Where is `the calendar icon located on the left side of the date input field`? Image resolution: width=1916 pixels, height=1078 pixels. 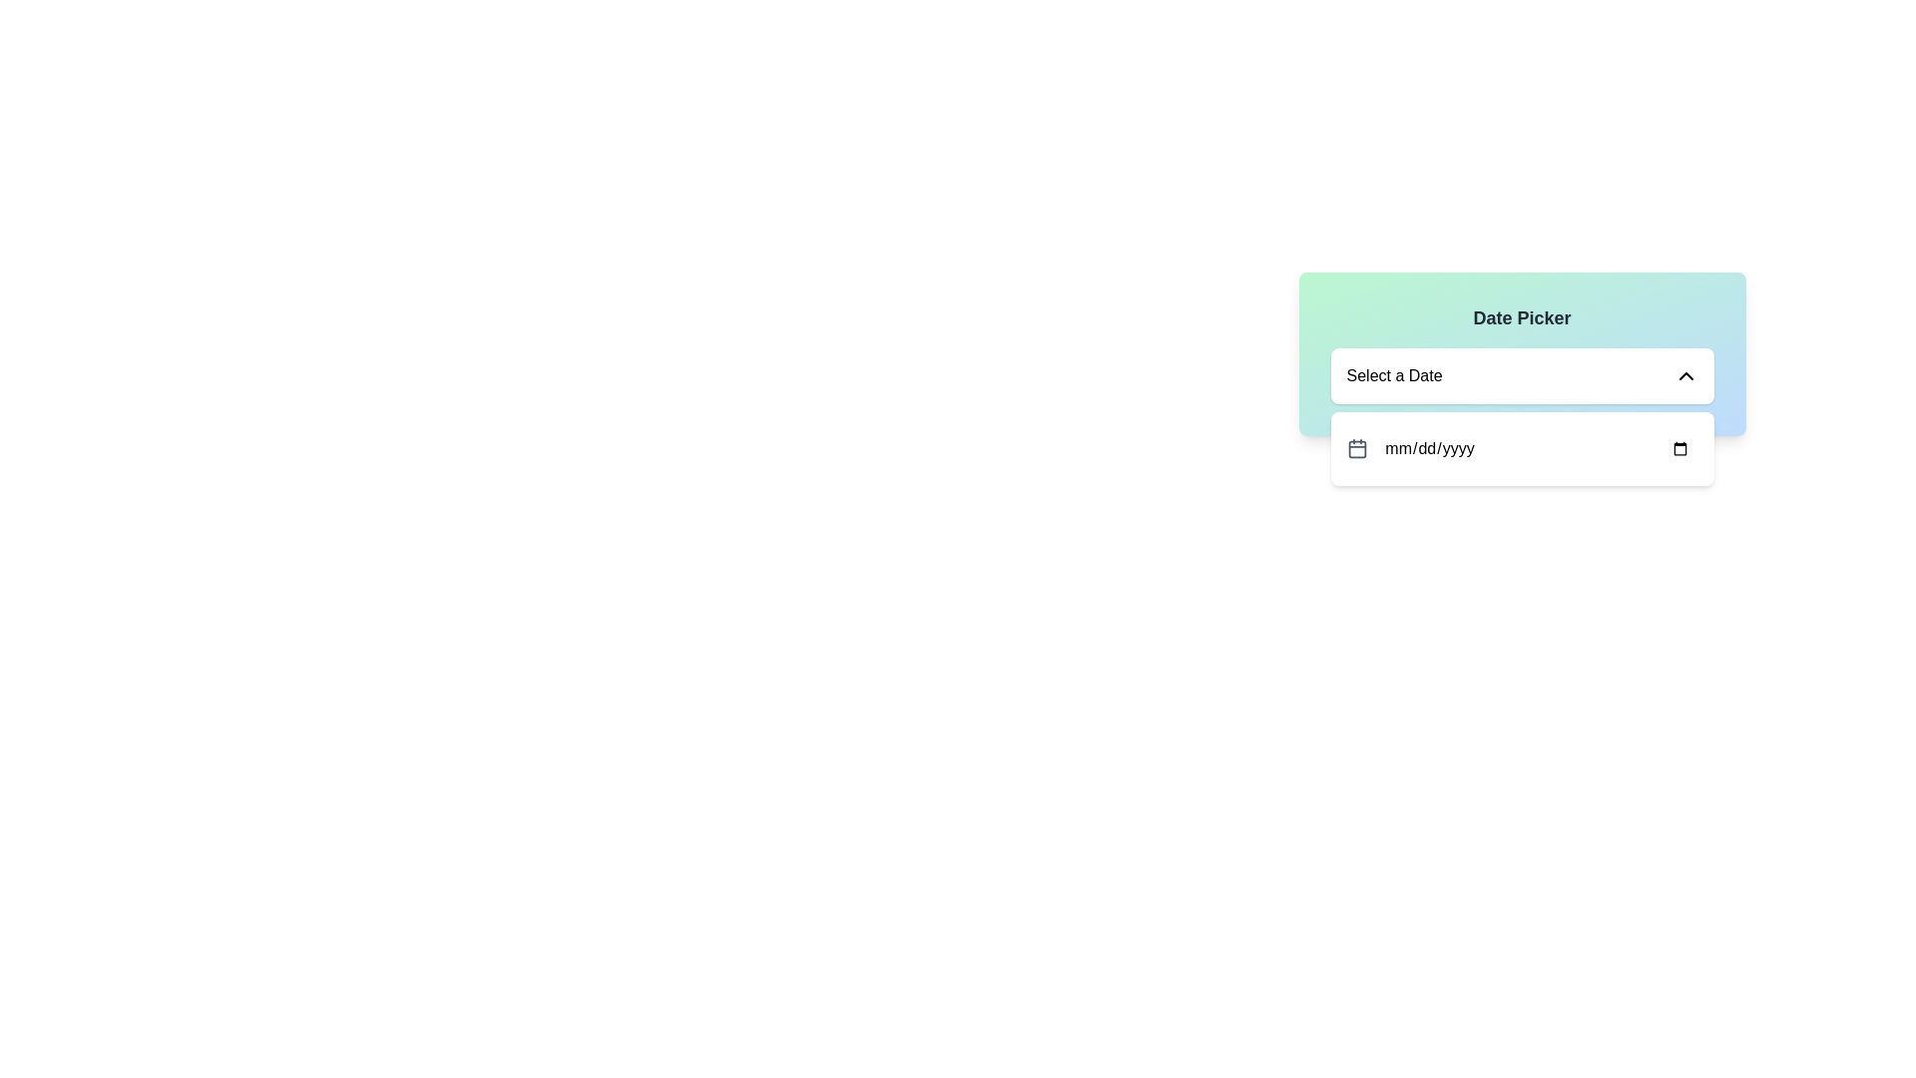 the calendar icon located on the left side of the date input field is located at coordinates (1356, 449).